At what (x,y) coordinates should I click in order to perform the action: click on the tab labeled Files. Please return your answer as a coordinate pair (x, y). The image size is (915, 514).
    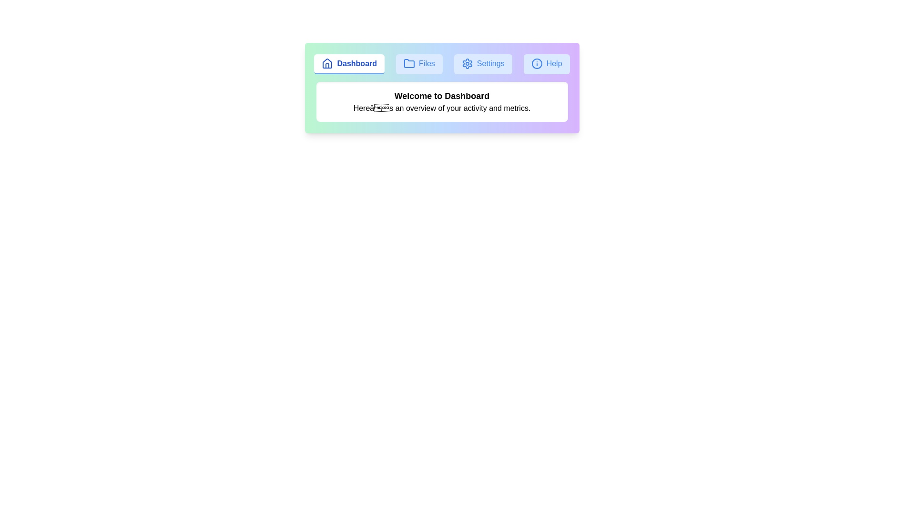
    Looking at the image, I should click on (418, 64).